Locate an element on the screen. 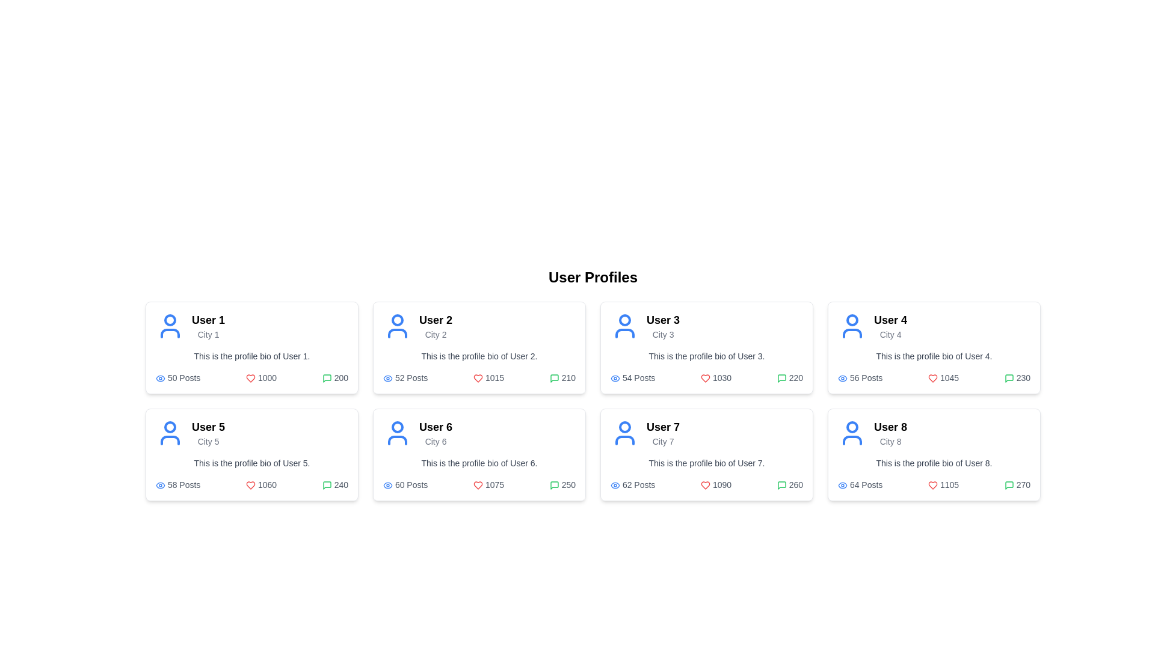  the numerical text '1105' next to the red heart icon associated with User 8 to associate its value with the nearby icon is located at coordinates (943, 484).